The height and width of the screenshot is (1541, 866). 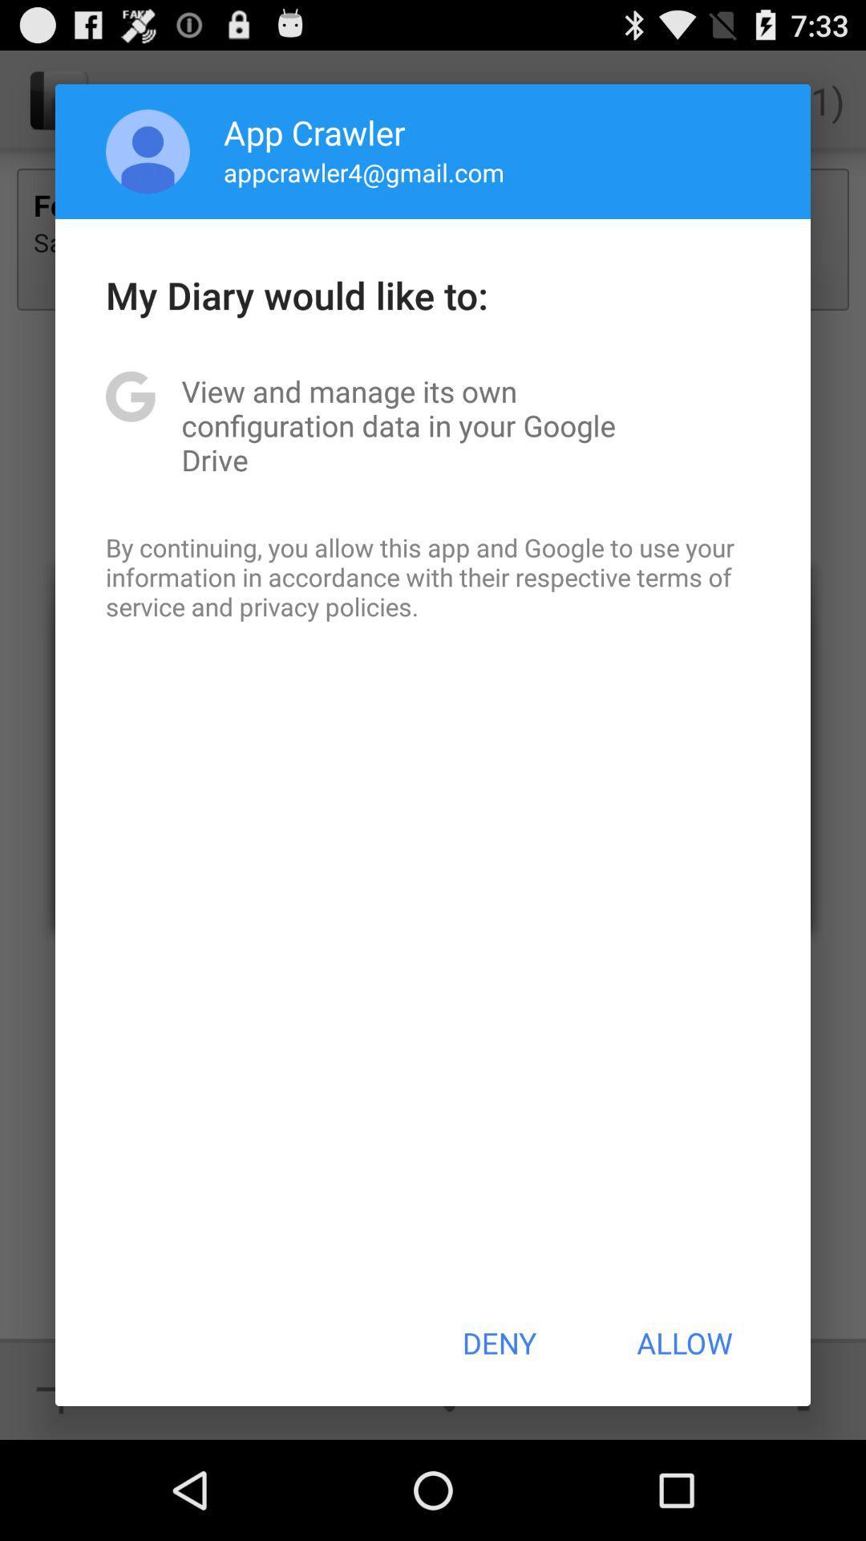 What do you see at coordinates (314, 132) in the screenshot?
I see `app crawler icon` at bounding box center [314, 132].